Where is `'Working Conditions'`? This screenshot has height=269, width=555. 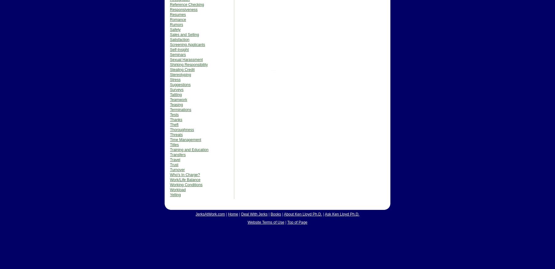 'Working Conditions' is located at coordinates (186, 185).